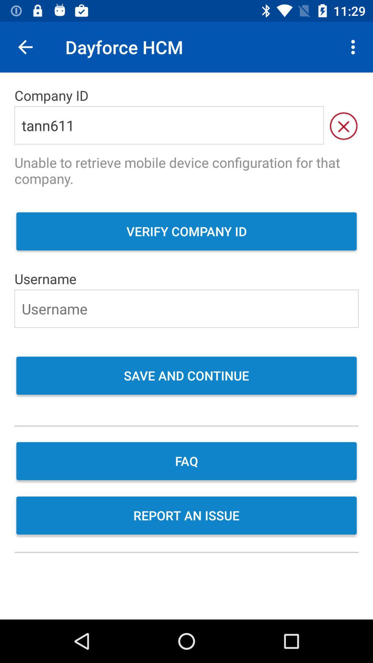 This screenshot has height=663, width=373. Describe the element at coordinates (186, 308) in the screenshot. I see `user name` at that location.